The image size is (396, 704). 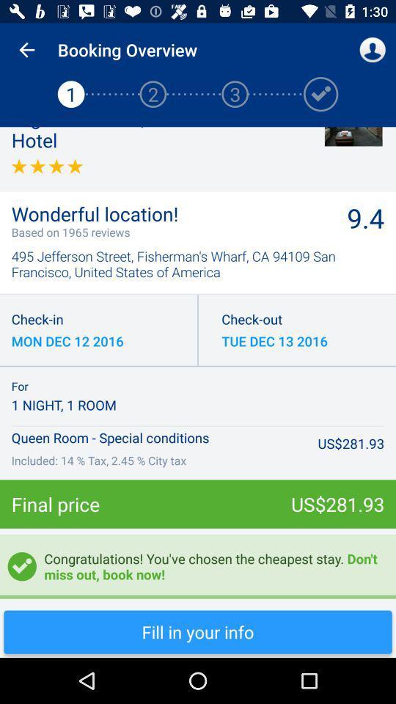 What do you see at coordinates (198, 631) in the screenshot?
I see `fill in your info` at bounding box center [198, 631].